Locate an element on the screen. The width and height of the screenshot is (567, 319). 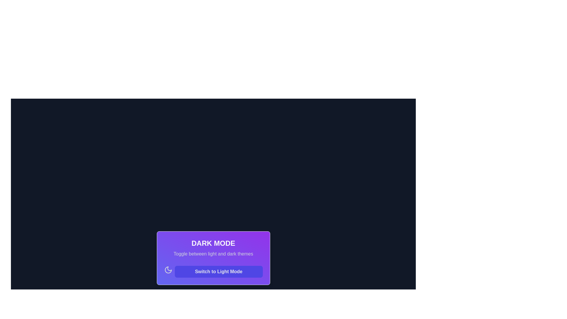
the crescent moon icon on the purple background is located at coordinates (168, 270).